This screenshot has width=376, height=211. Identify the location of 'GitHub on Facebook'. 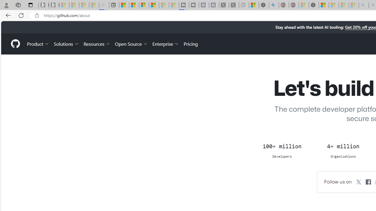
(368, 181).